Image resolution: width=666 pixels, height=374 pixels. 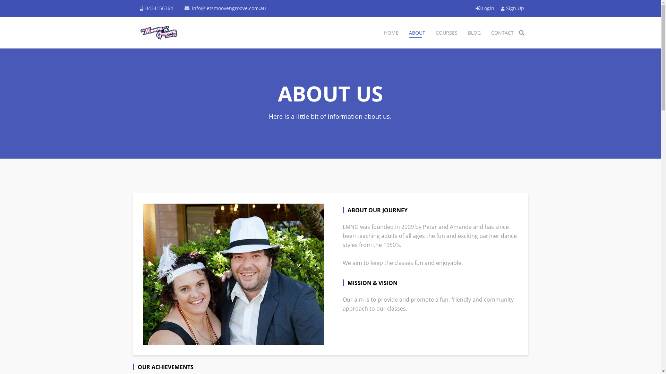 I want to click on 'ABOUT', so click(x=417, y=33).